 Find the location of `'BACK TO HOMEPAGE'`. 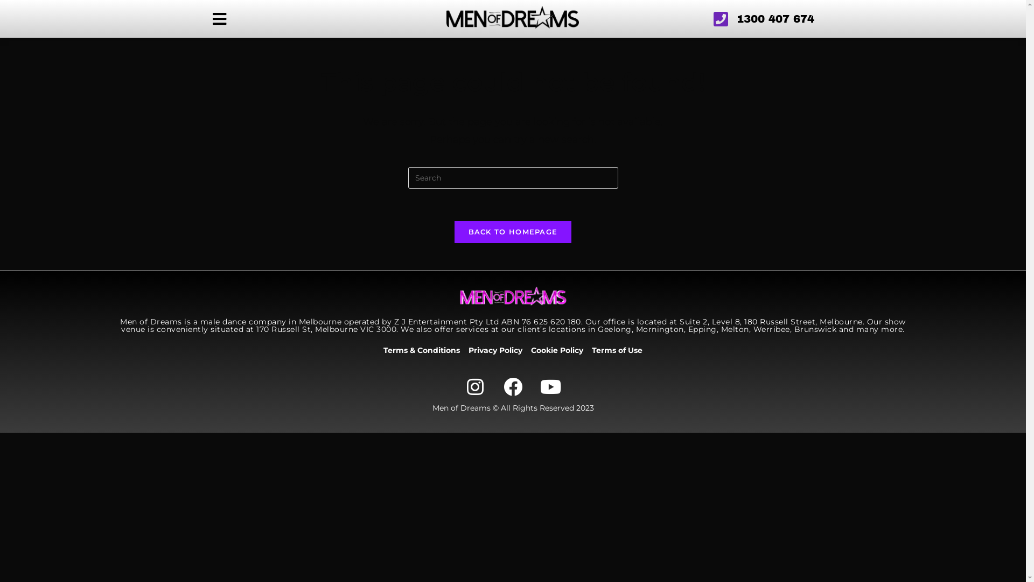

'BACK TO HOMEPAGE' is located at coordinates (455, 231).